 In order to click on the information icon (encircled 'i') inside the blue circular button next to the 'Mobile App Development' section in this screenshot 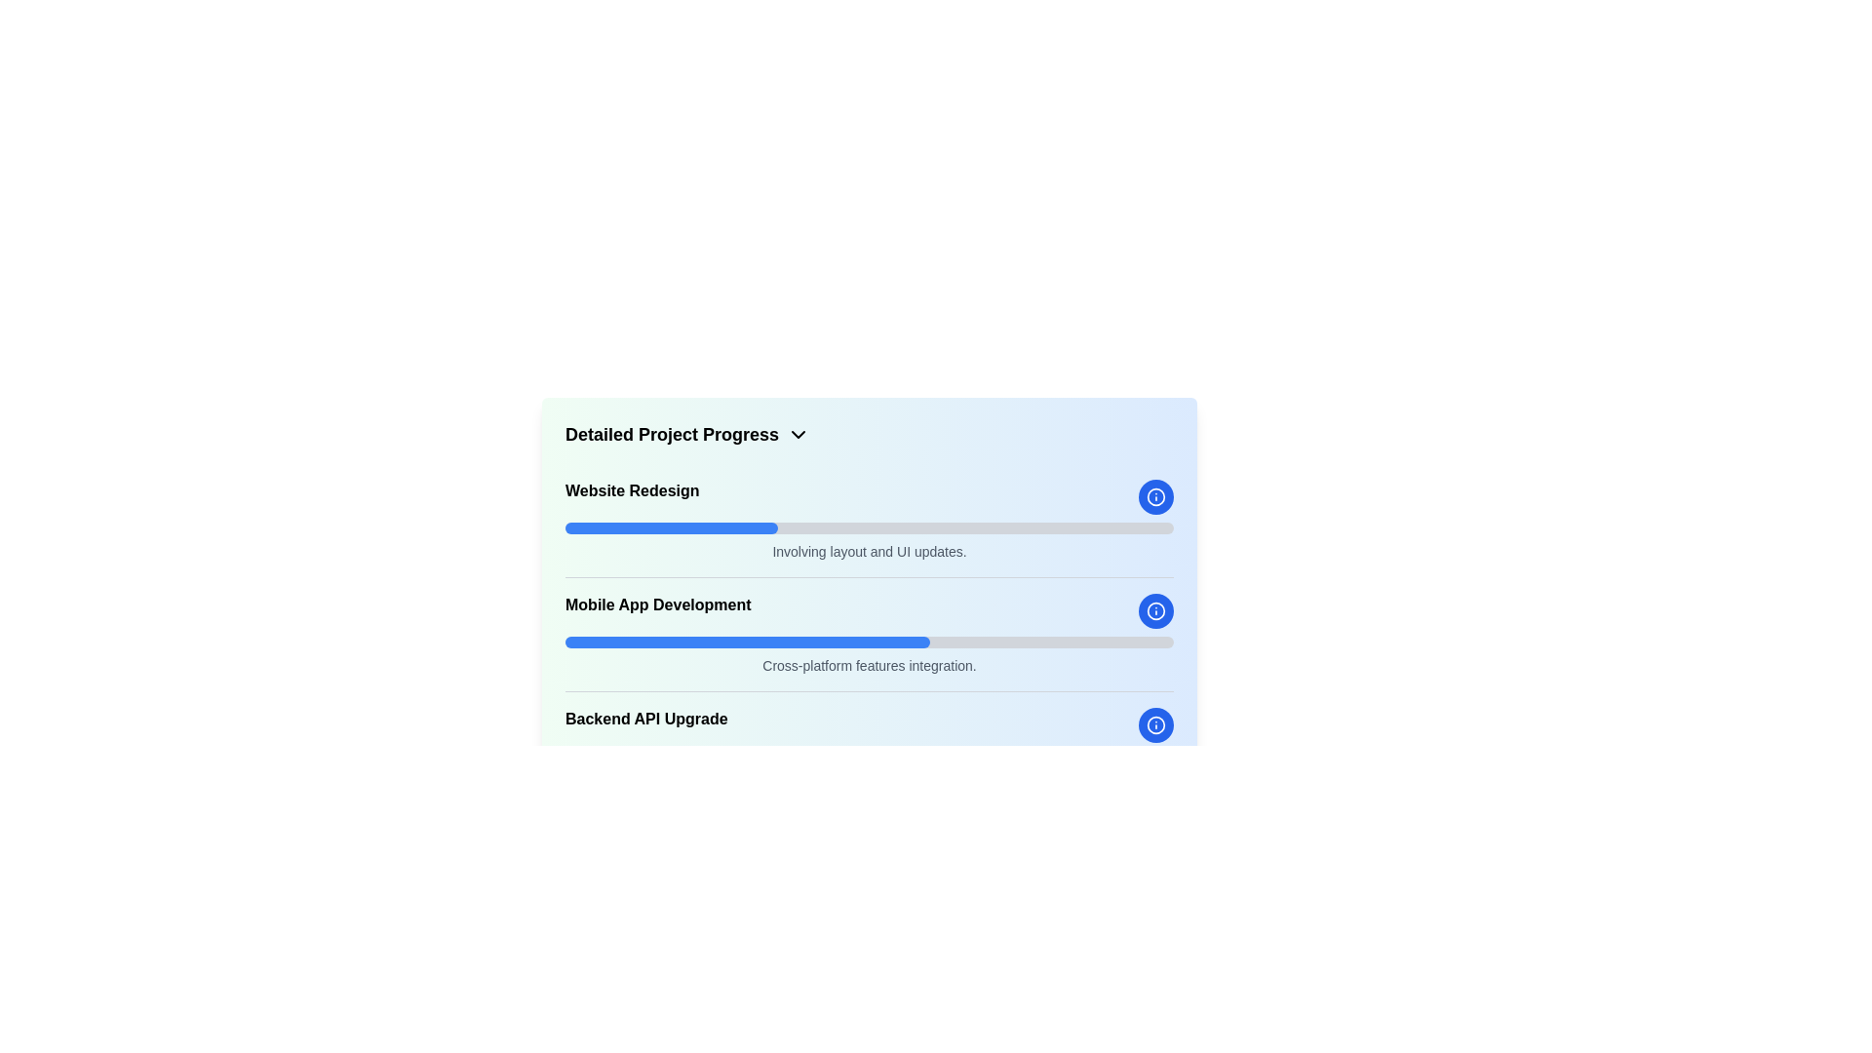, I will do `click(1155, 495)`.